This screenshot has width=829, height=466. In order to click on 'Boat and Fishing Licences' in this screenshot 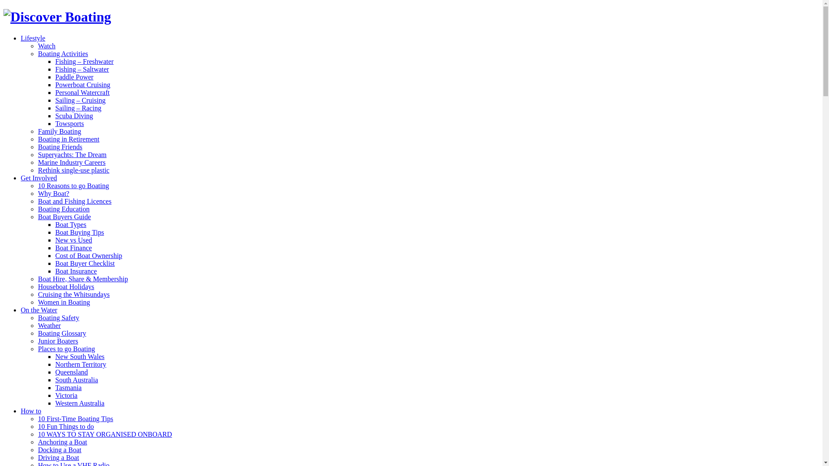, I will do `click(74, 201)`.